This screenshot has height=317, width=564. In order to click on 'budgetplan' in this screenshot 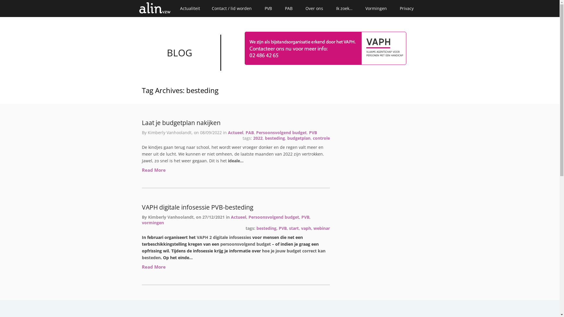, I will do `click(299, 138)`.